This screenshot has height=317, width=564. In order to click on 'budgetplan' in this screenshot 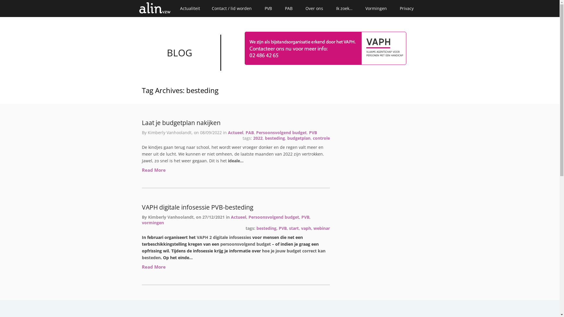, I will do `click(299, 138)`.